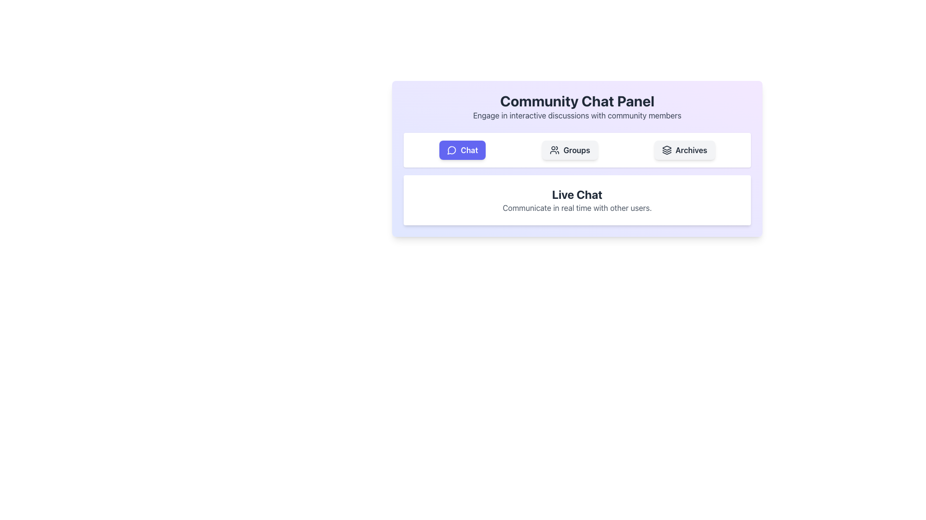 This screenshot has width=926, height=520. Describe the element at coordinates (577, 195) in the screenshot. I see `the text label or section header that indicates the functionality of the live chat feature, located above the descriptive text 'Communicate in real time with other users.'` at that location.